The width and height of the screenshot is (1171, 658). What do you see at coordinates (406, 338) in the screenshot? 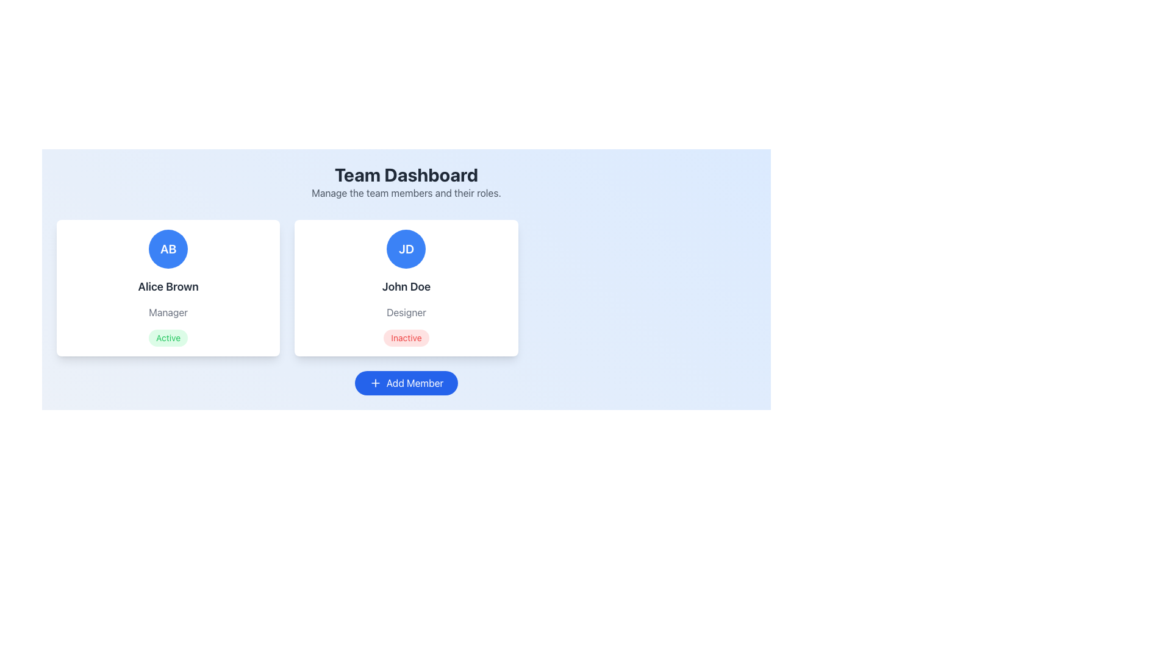
I see `the small rectangular badge with rounded corners, styled with a light red background and red text displaying 'Inactive', located below the text 'Designer' in the card for 'John Doe'` at bounding box center [406, 338].